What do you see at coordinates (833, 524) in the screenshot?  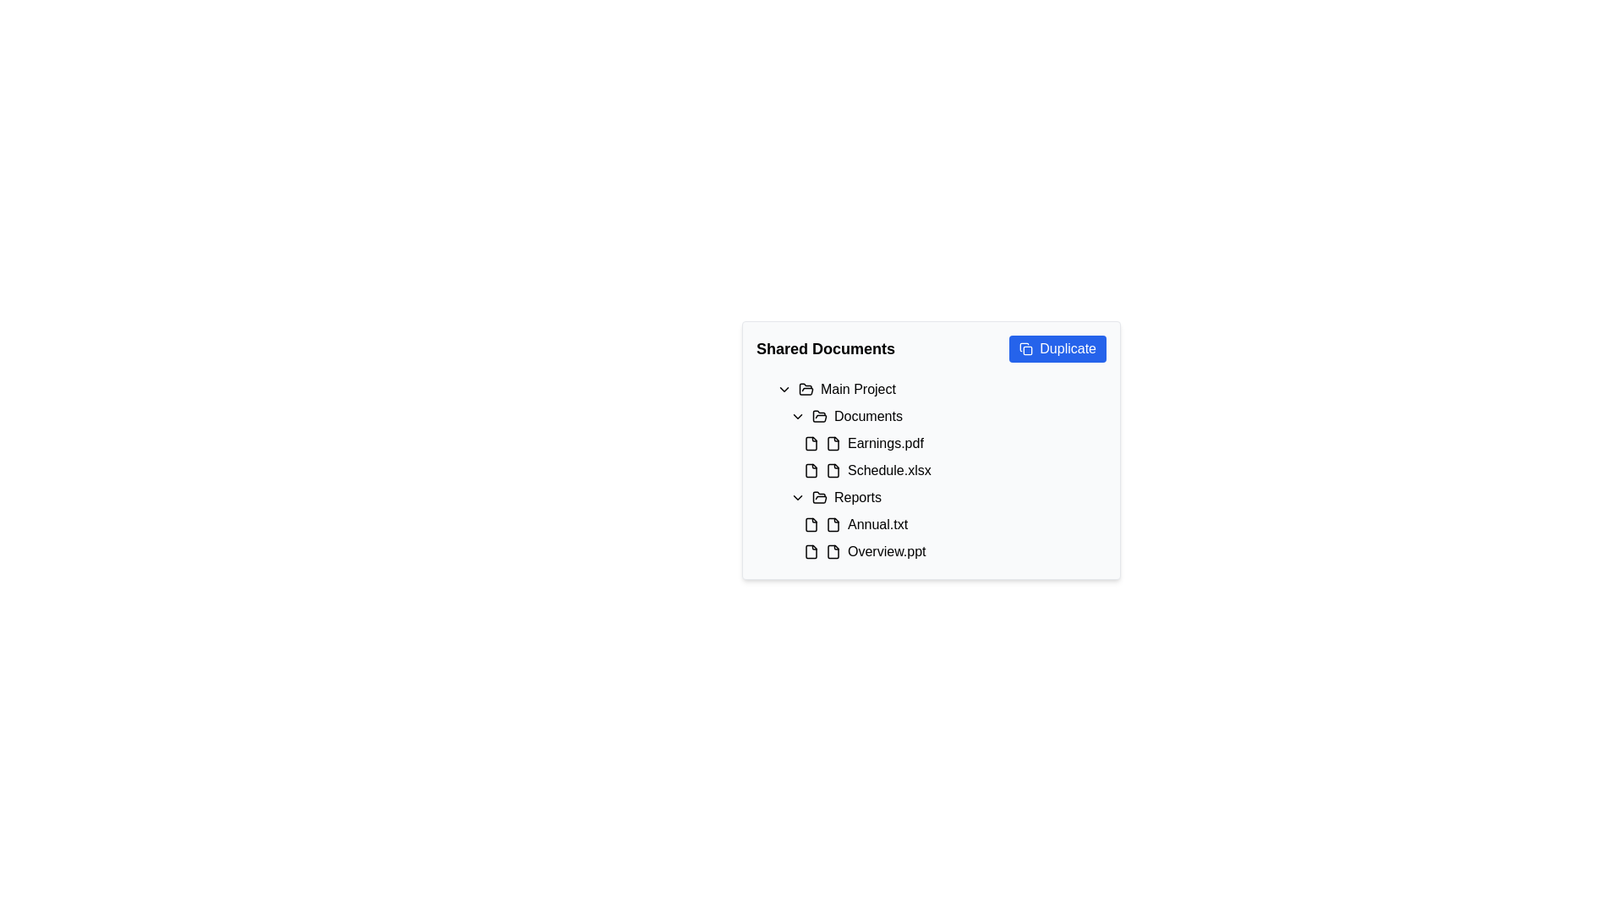 I see `the document file icon labeled 'Annual.txt' located` at bounding box center [833, 524].